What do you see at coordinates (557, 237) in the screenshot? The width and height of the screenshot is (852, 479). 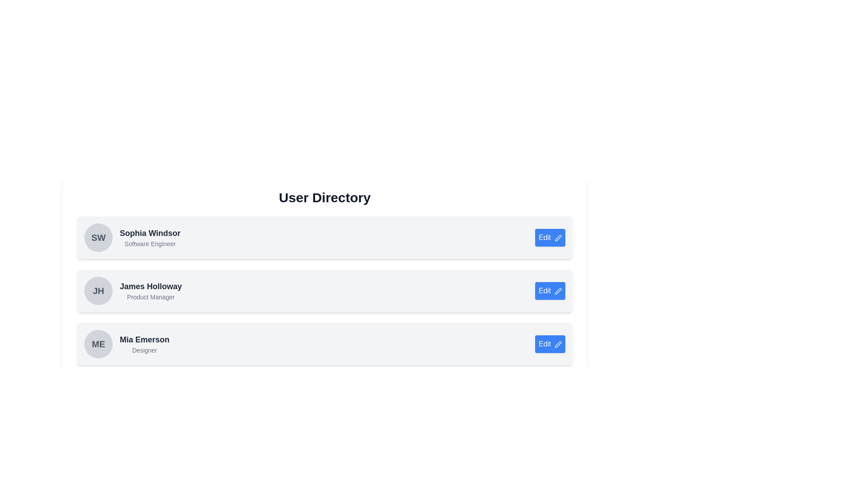 I see `the 'Edit' button surrounding the pen icon` at bounding box center [557, 237].